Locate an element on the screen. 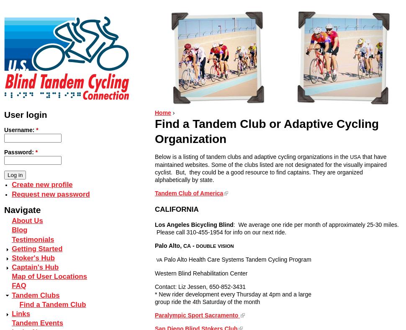 This screenshot has height=330, width=406. 'Navigate' is located at coordinates (22, 209).